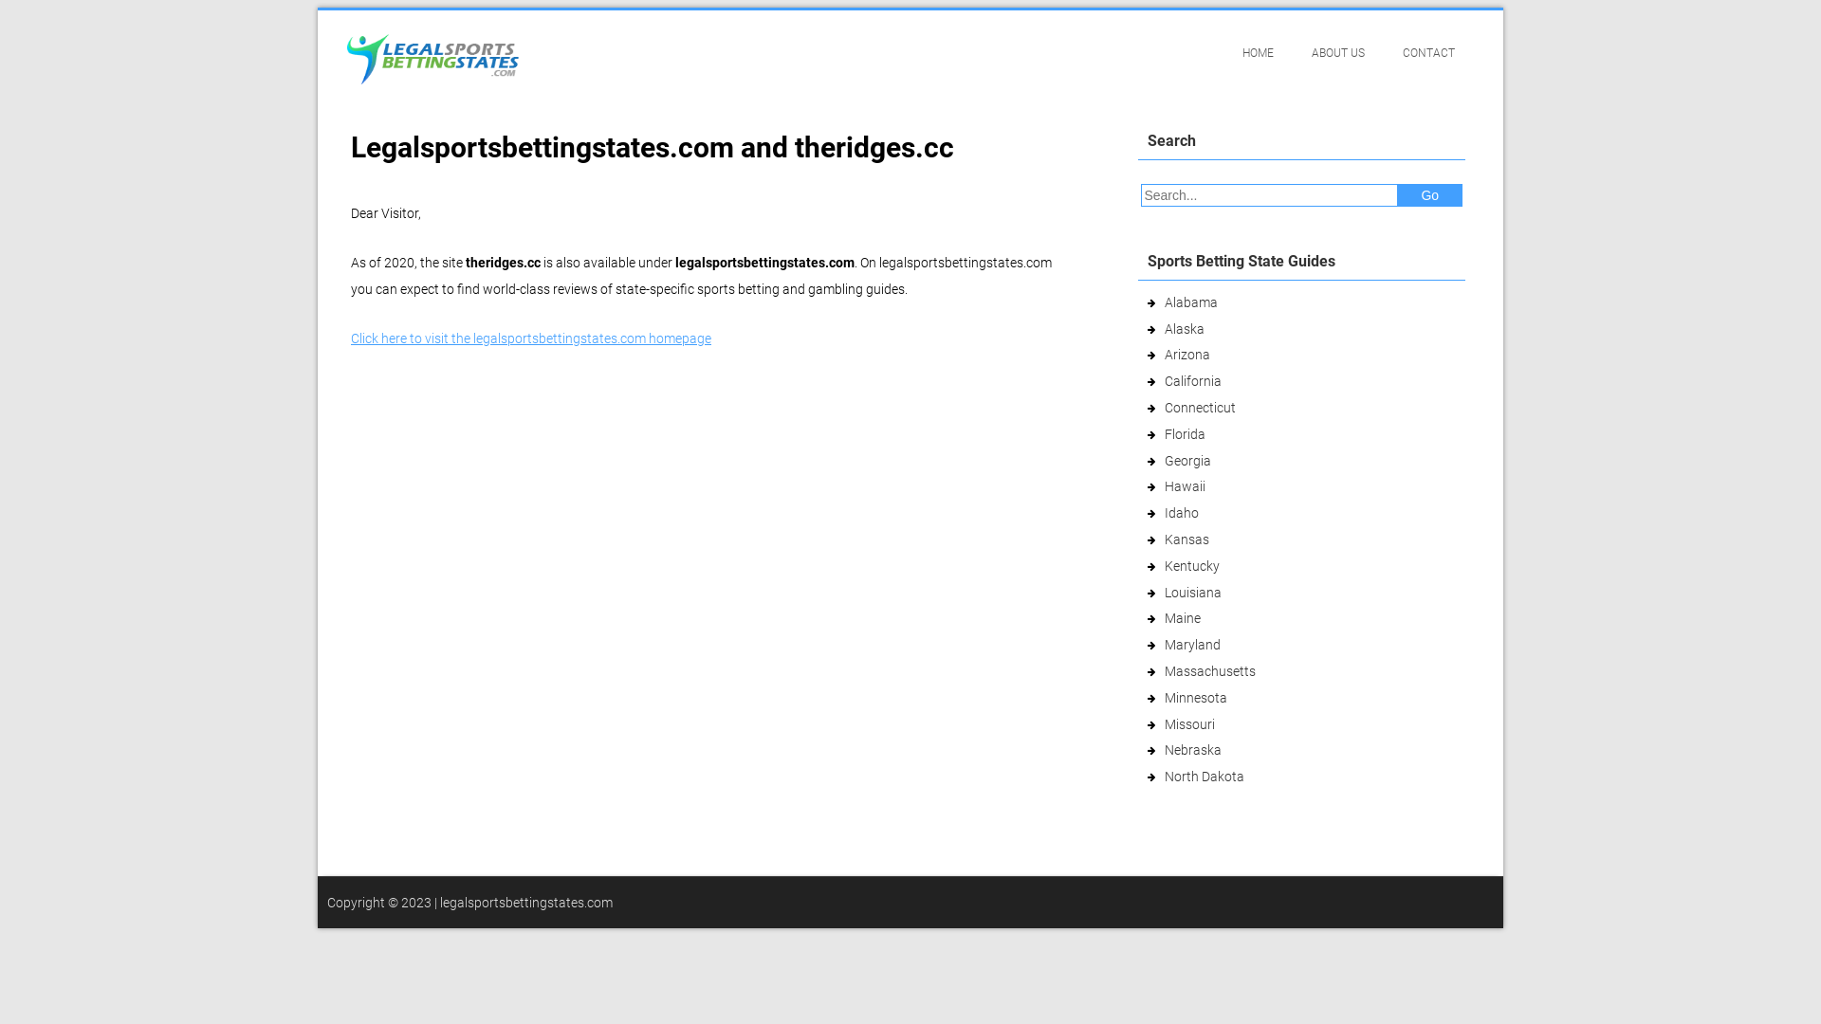 The height and width of the screenshot is (1024, 1821). What do you see at coordinates (1191, 380) in the screenshot?
I see `'California'` at bounding box center [1191, 380].